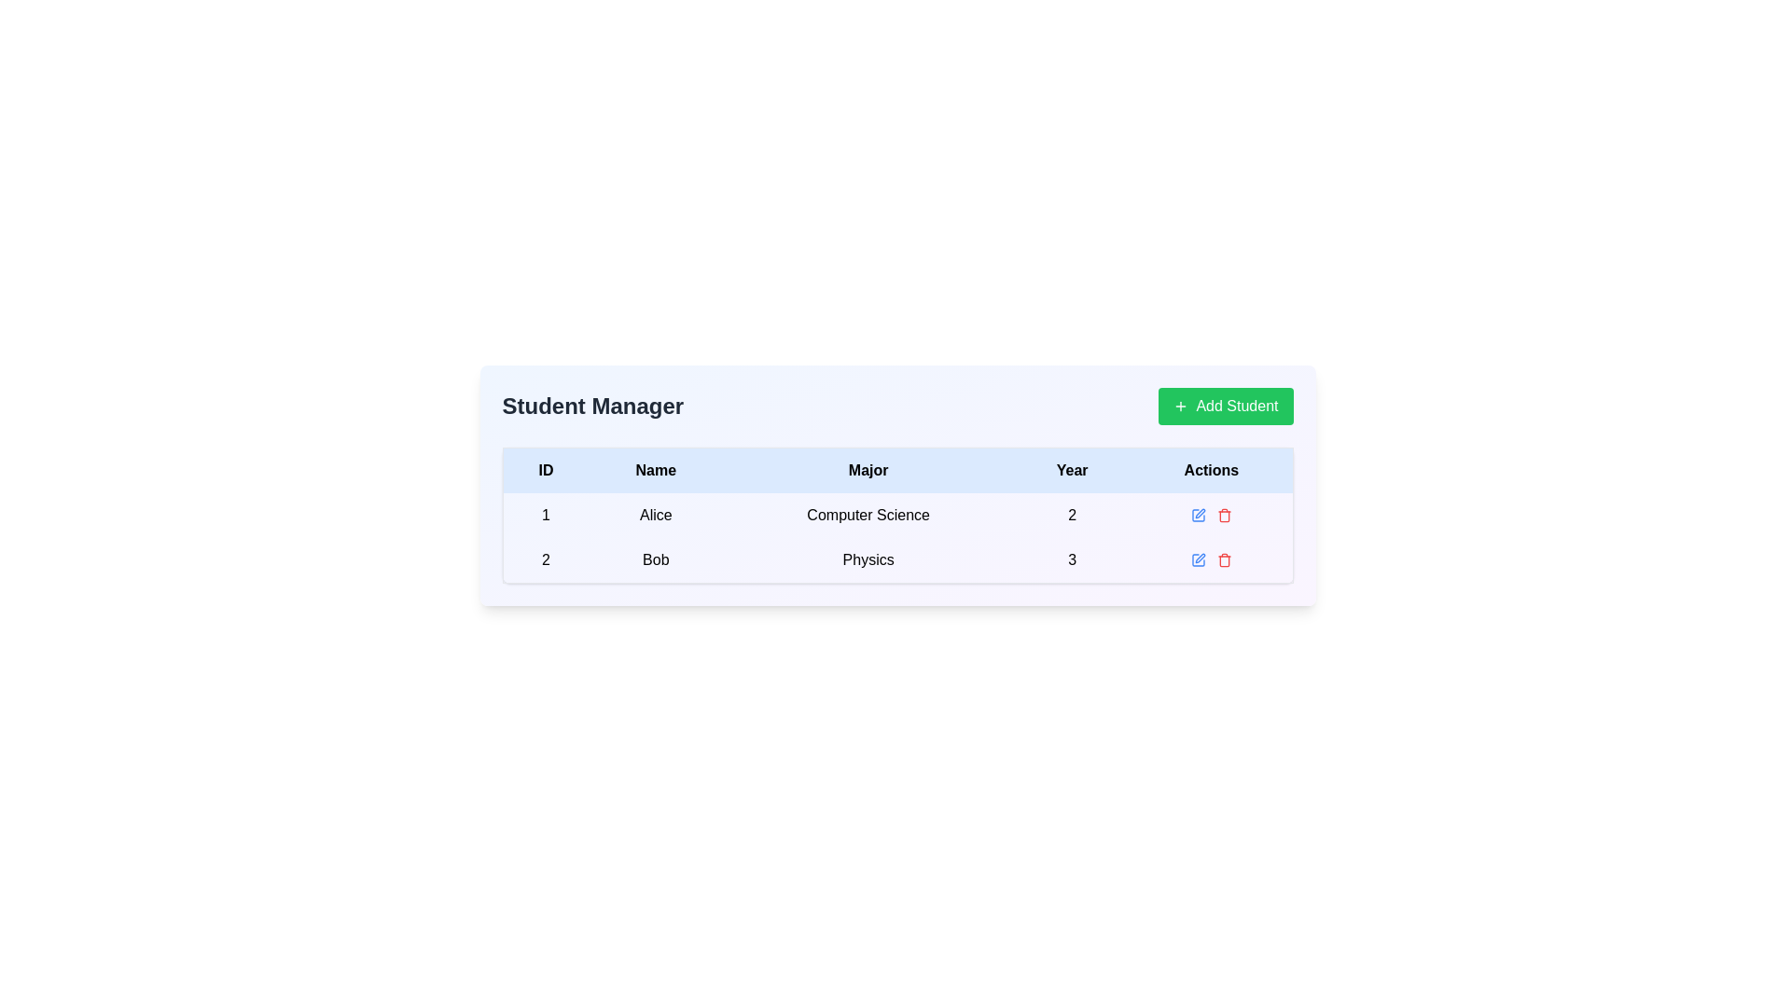 The width and height of the screenshot is (1791, 1007). What do you see at coordinates (1198, 559) in the screenshot?
I see `the edit button, which is an icon of a pen inside a square with a blue outline, located in the 'Actions' column of the second row of the table, to initiate editing` at bounding box center [1198, 559].